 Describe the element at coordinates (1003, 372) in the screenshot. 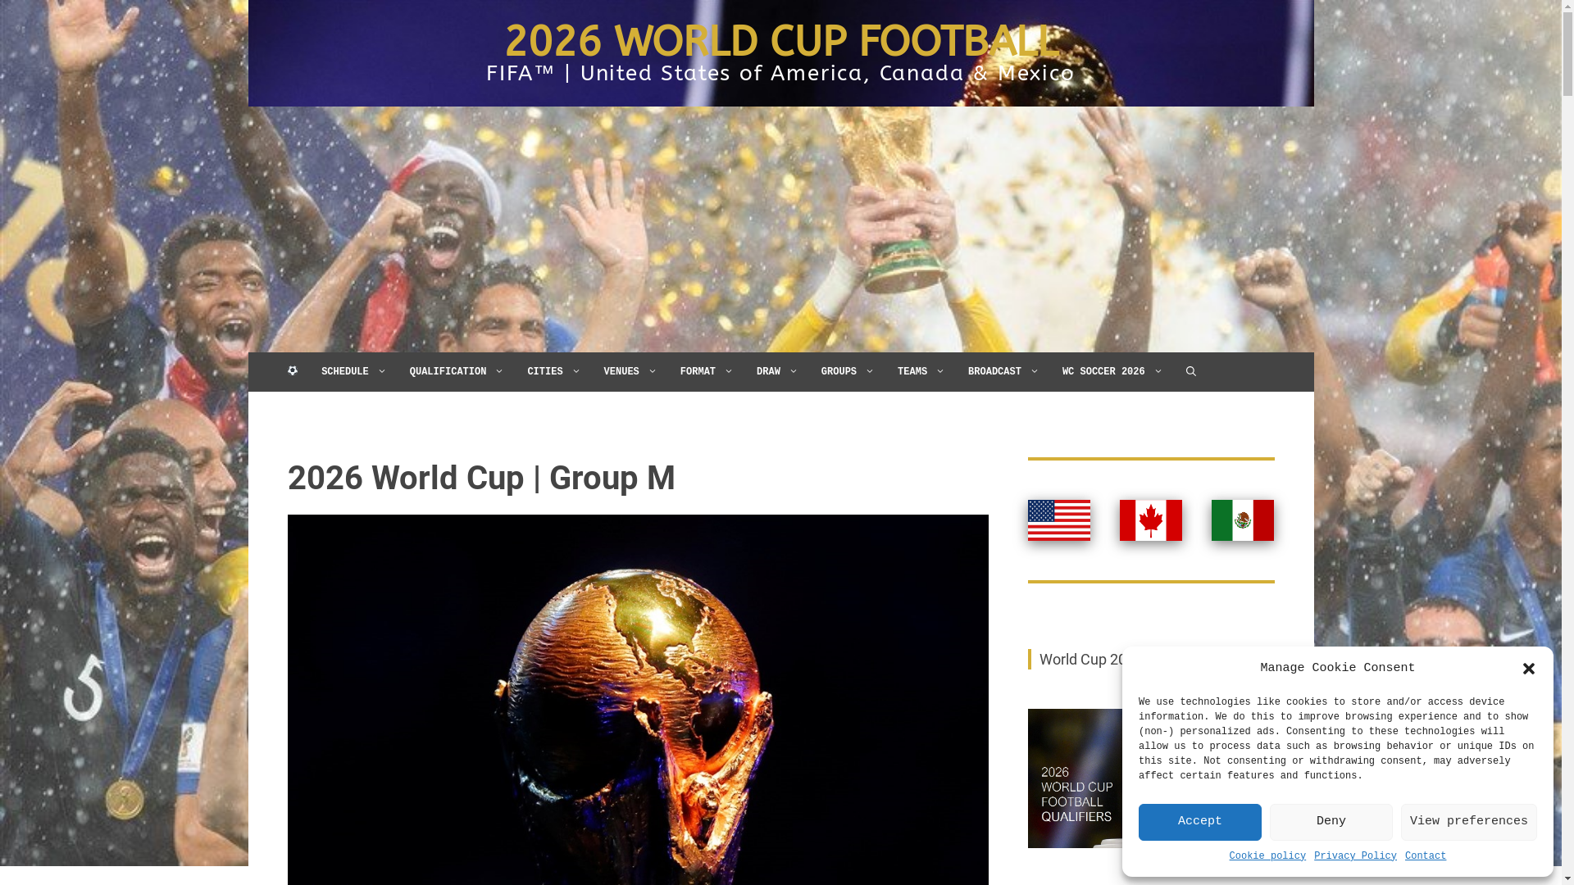

I see `'BROADCAST'` at that location.